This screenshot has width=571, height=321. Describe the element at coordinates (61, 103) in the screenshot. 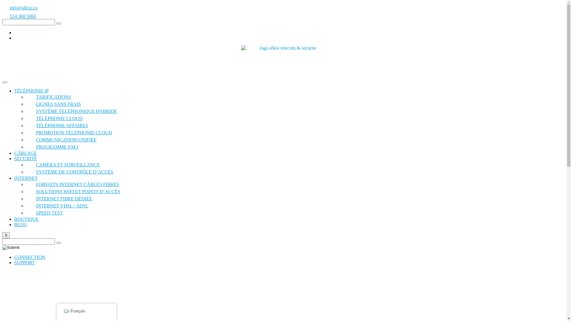

I see `'LIGNES SANS FRAIS'` at that location.